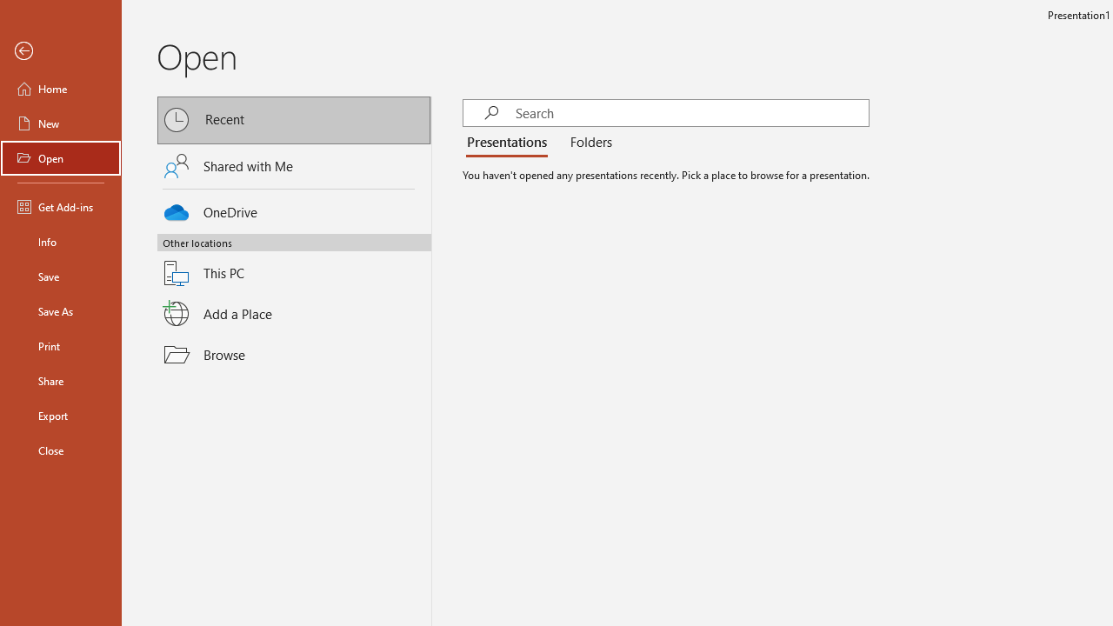  I want to click on 'Shared with Me', so click(294, 166).